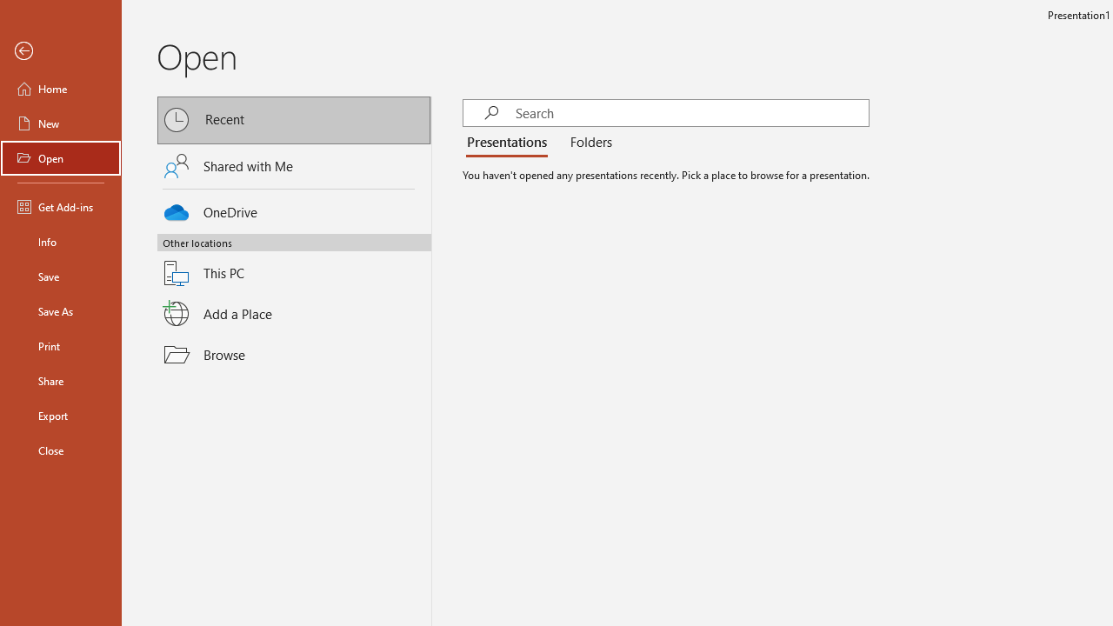  I want to click on 'Shared with Me', so click(294, 166).